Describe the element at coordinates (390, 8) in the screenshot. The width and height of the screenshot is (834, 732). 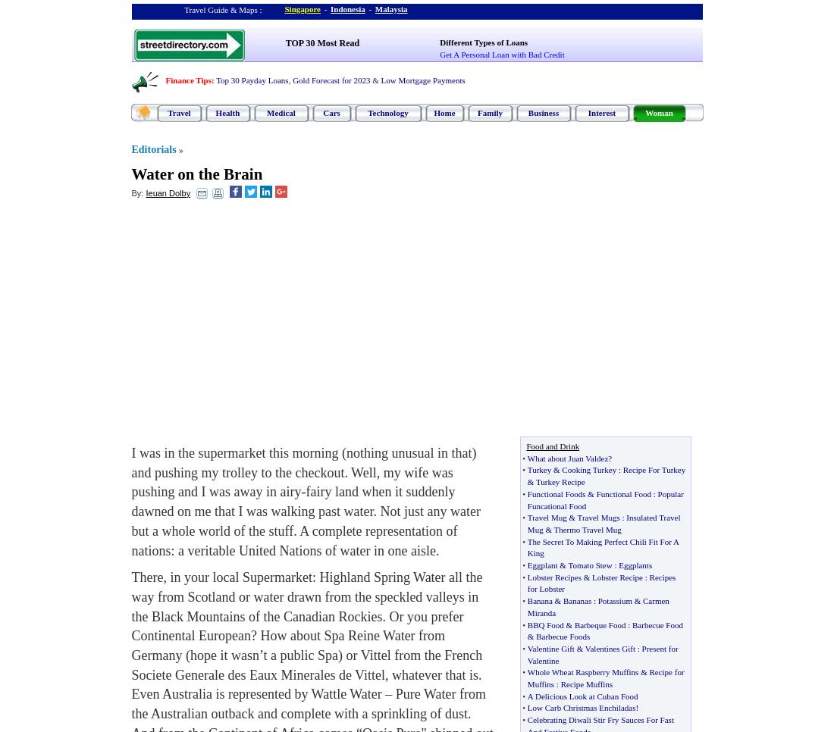
I see `'Malaysia'` at that location.